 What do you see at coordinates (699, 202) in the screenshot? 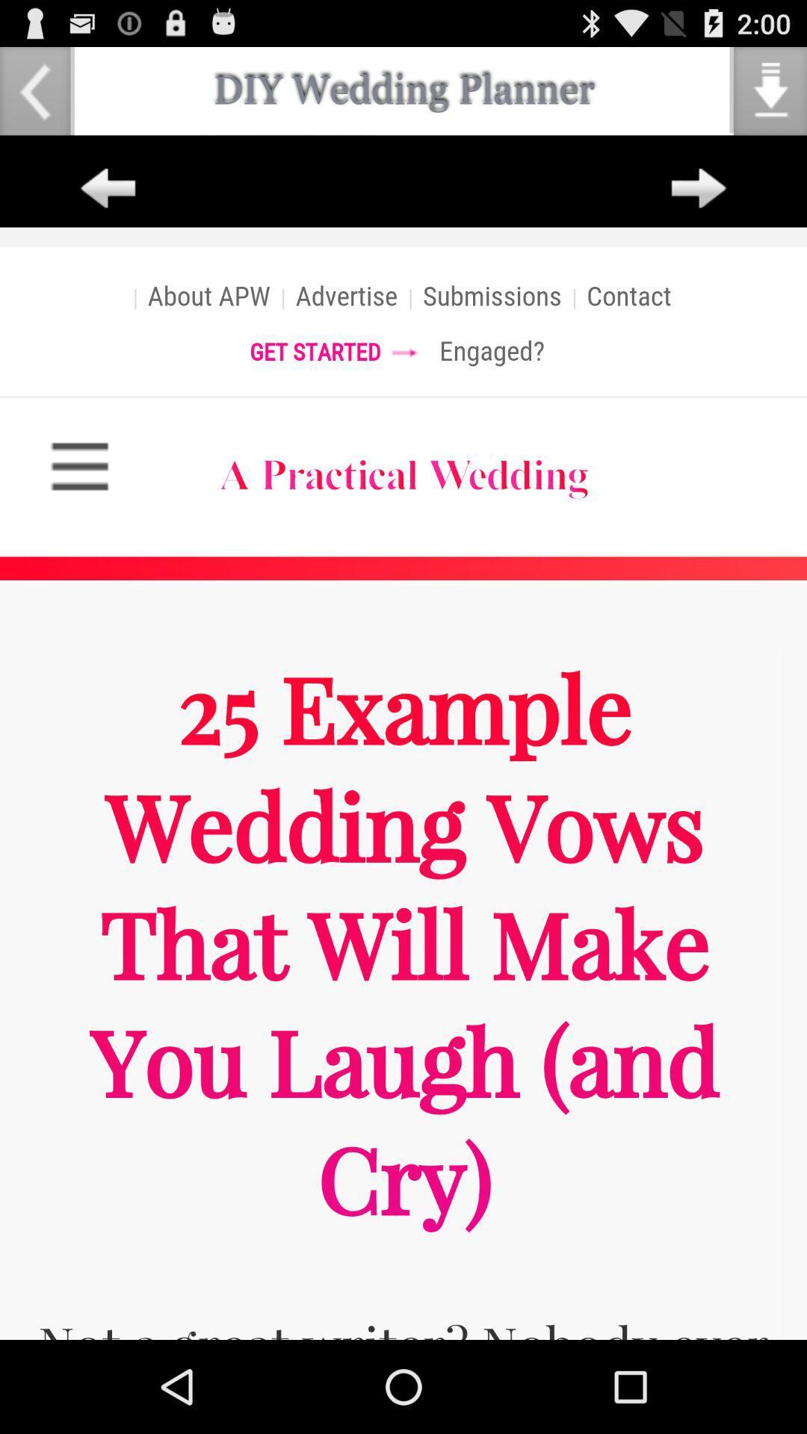
I see `the arrow_forward icon` at bounding box center [699, 202].